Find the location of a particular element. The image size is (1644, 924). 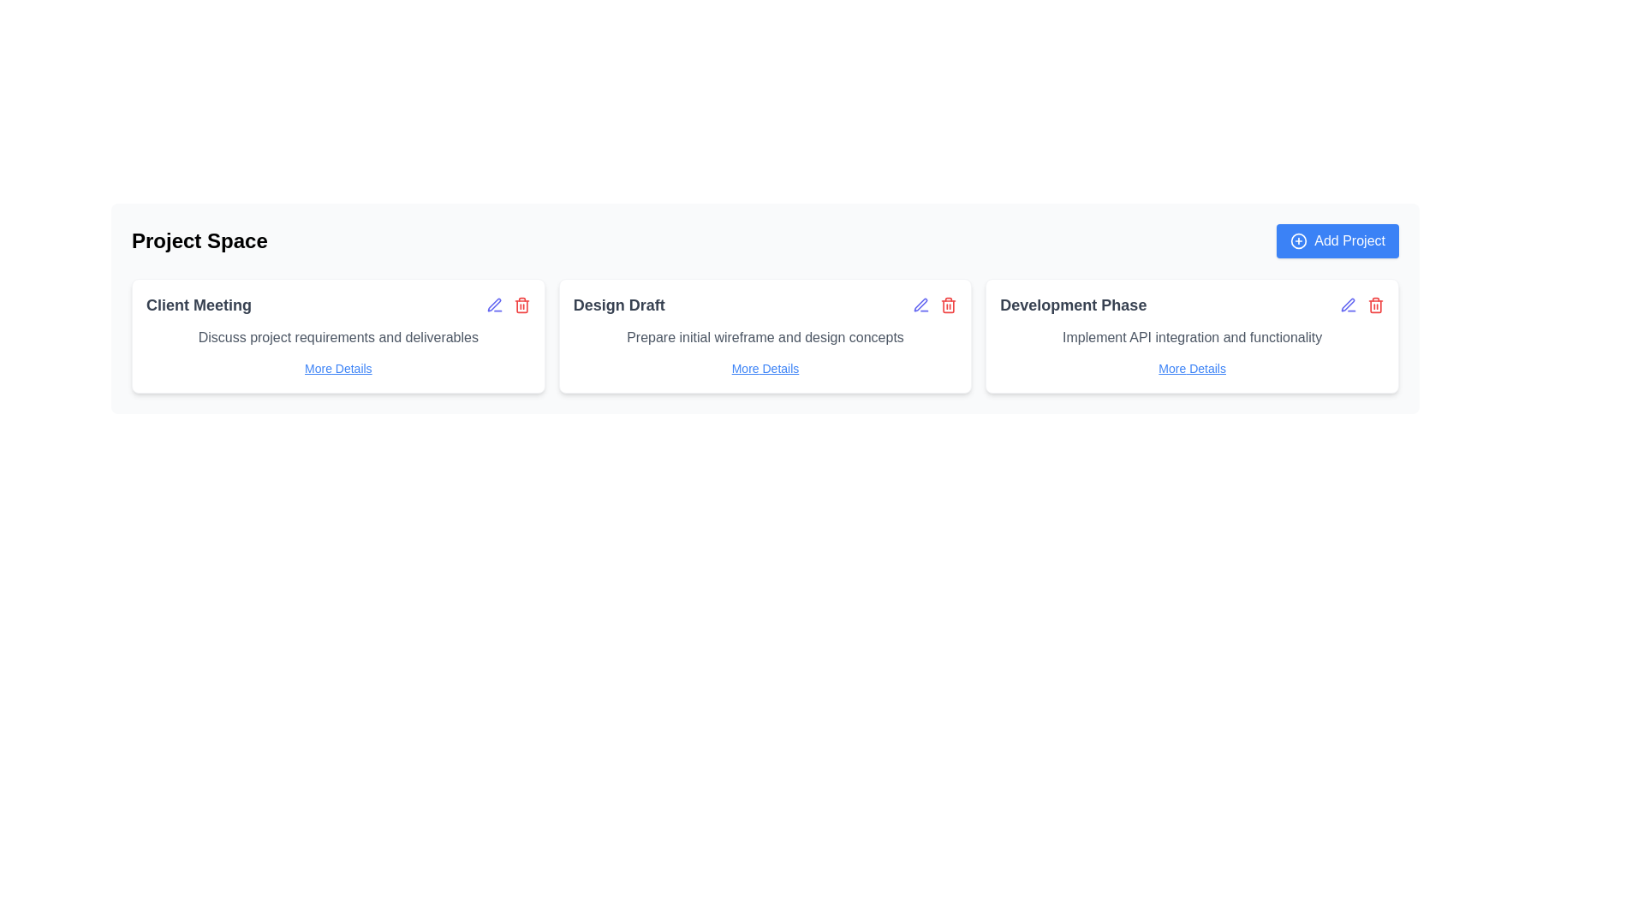

the decorative vector element located within the circular icon of the 'Add Project' button at the top-right corner of the interface is located at coordinates (1299, 240).